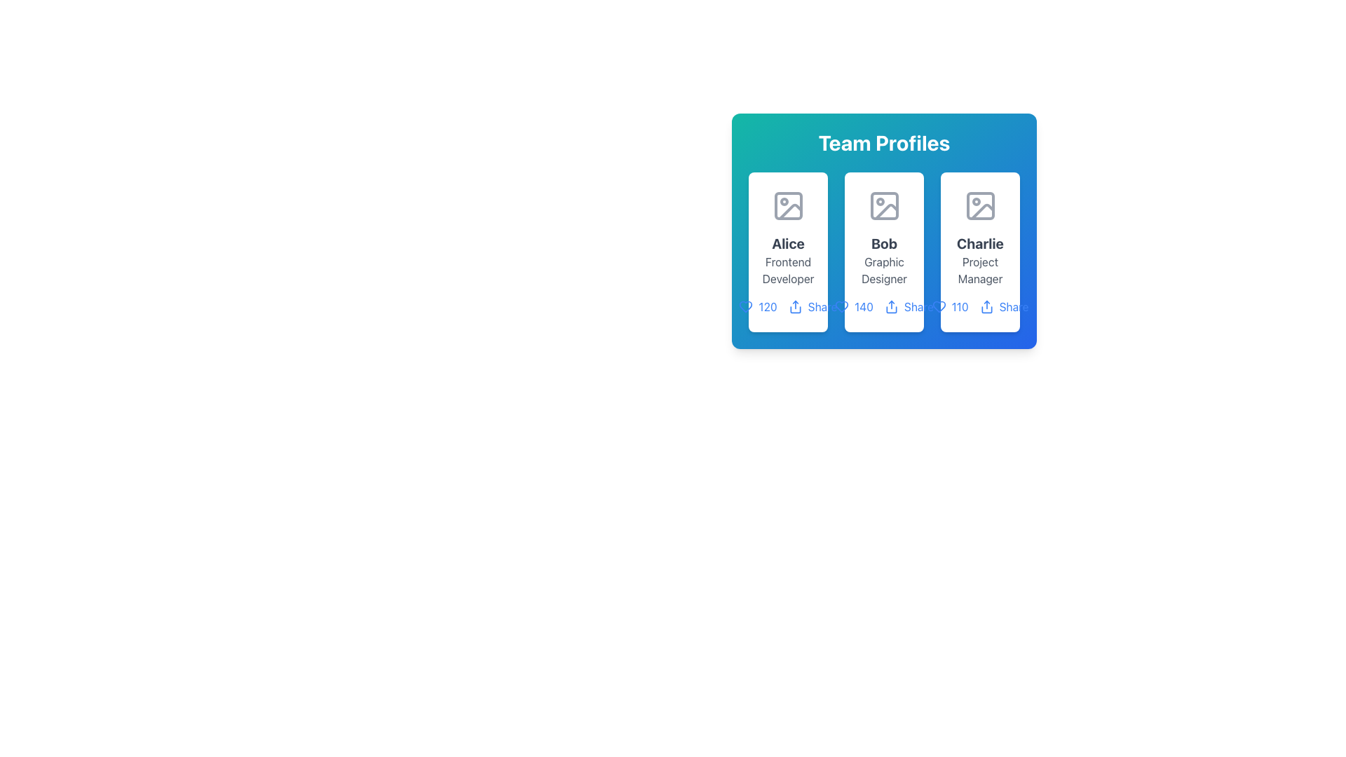 The width and height of the screenshot is (1346, 757). Describe the element at coordinates (788, 243) in the screenshot. I see `the name label of the first profile card in the 'Team Profiles' section, which identifies the individual represented by the card` at that location.